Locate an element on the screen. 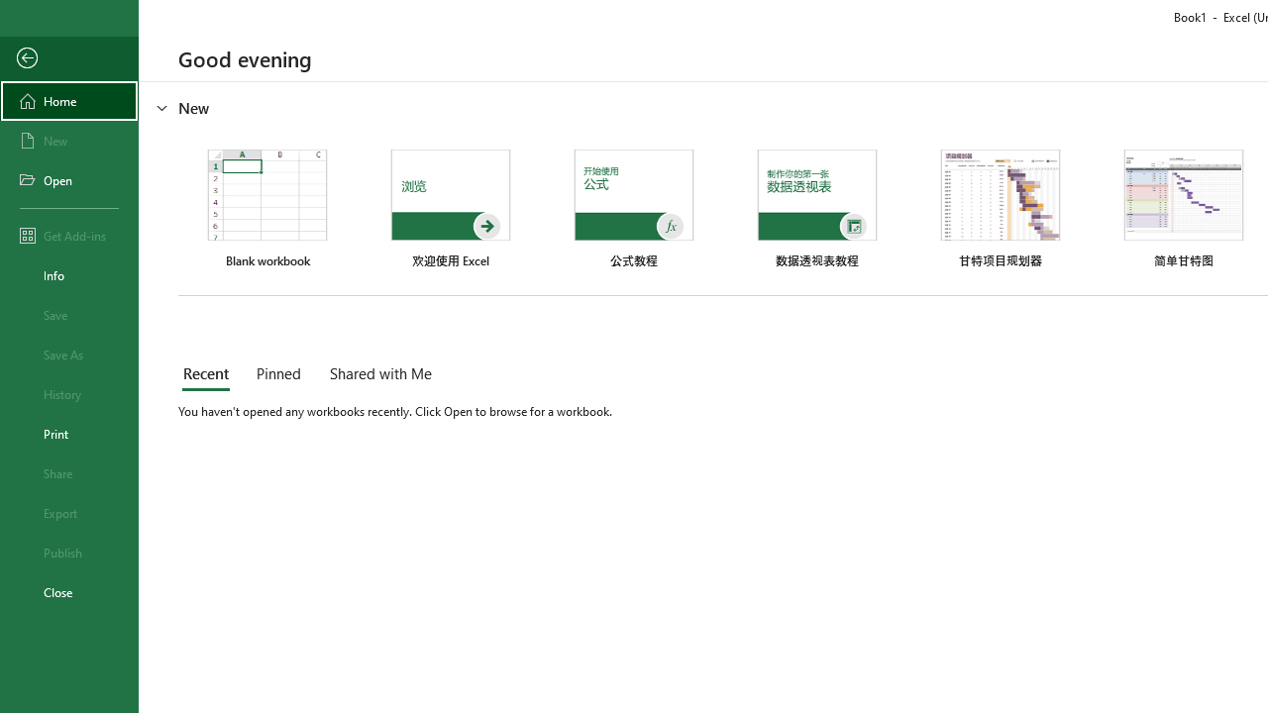 The width and height of the screenshot is (1268, 713). 'Shared with Me' is located at coordinates (376, 375).